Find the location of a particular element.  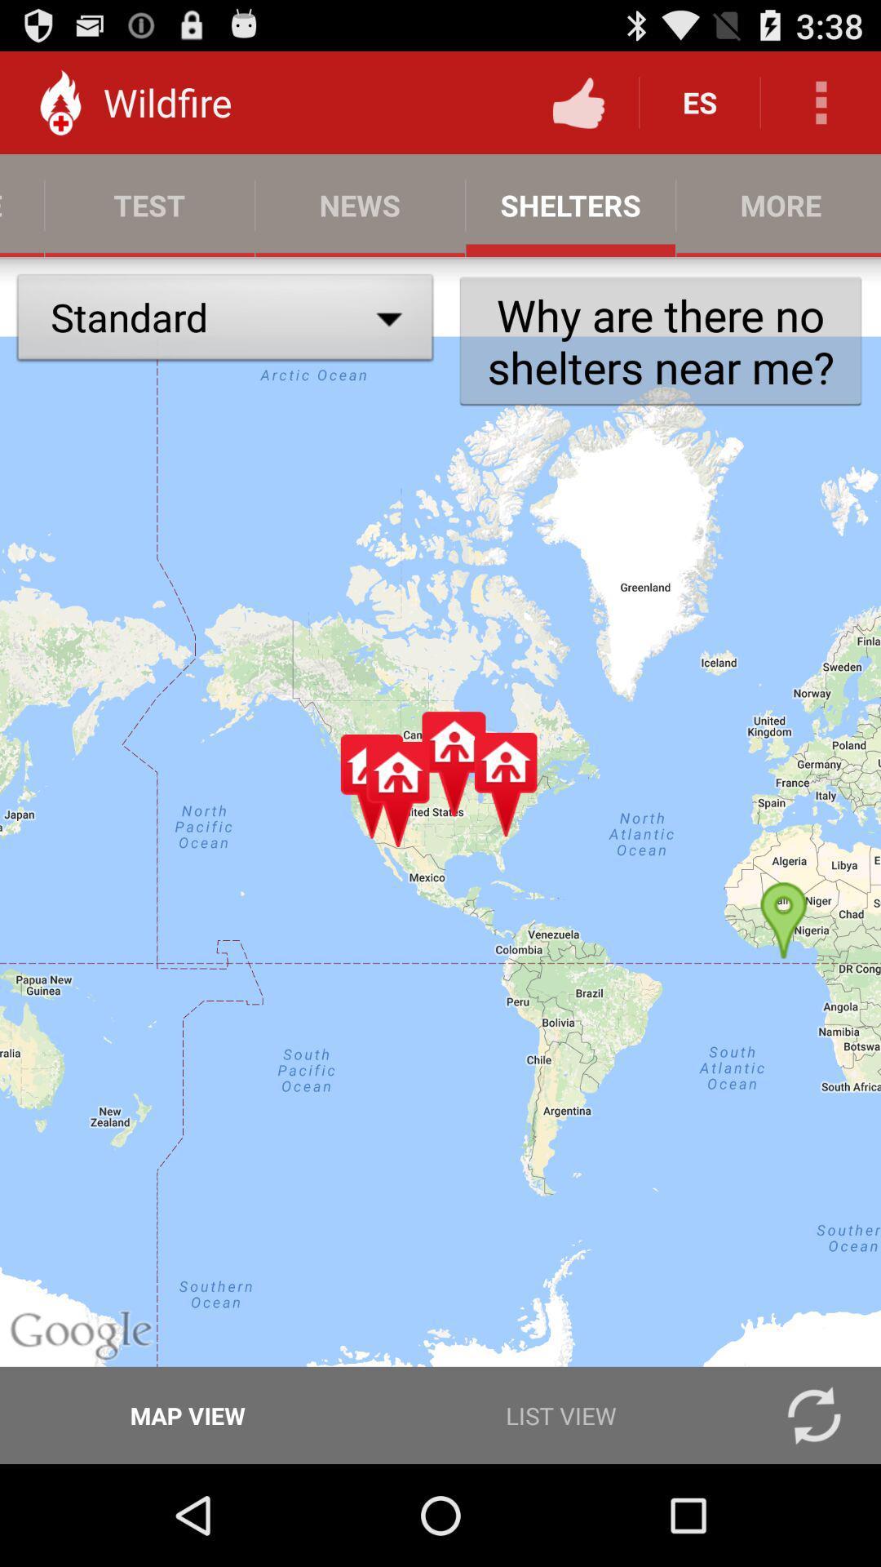

the refresh icon is located at coordinates (813, 1514).